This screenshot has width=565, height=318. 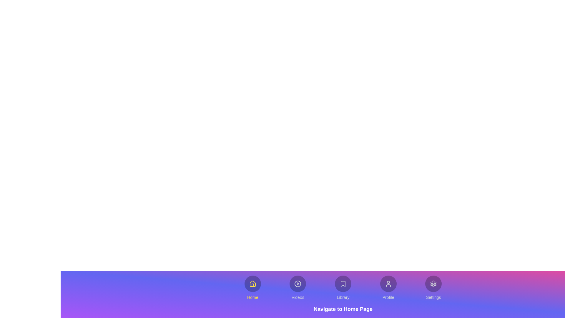 I want to click on the Library tab to activate it, so click(x=343, y=288).